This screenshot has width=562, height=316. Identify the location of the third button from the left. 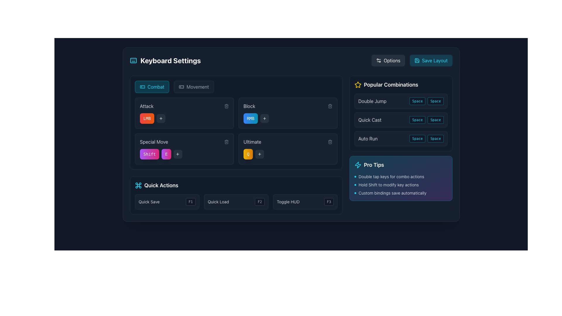
(177, 154).